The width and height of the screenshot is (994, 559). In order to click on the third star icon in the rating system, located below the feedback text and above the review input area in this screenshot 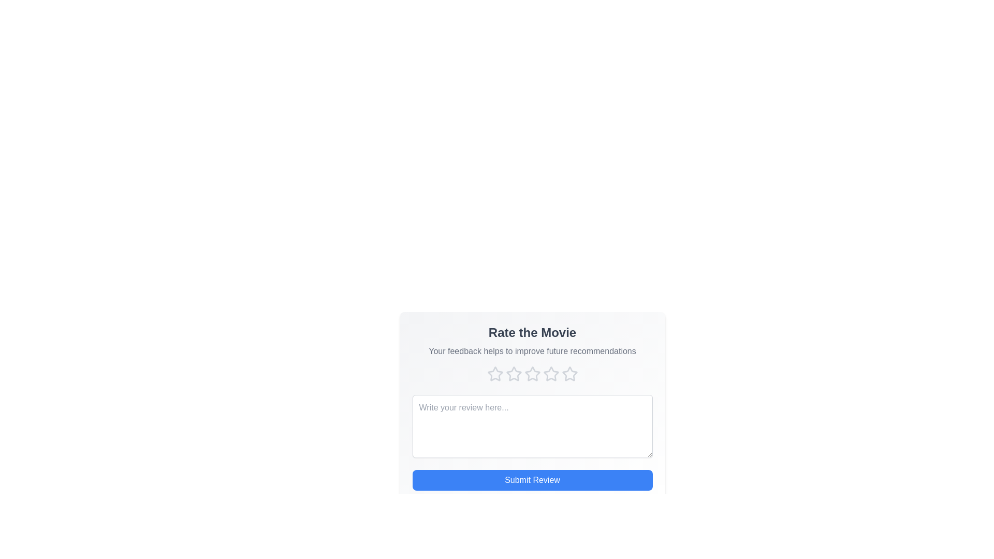, I will do `click(532, 374)`.